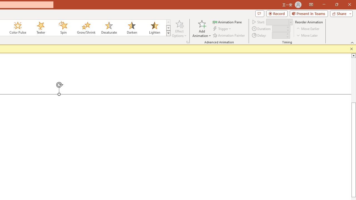  What do you see at coordinates (287, 34) in the screenshot?
I see `'More'` at bounding box center [287, 34].